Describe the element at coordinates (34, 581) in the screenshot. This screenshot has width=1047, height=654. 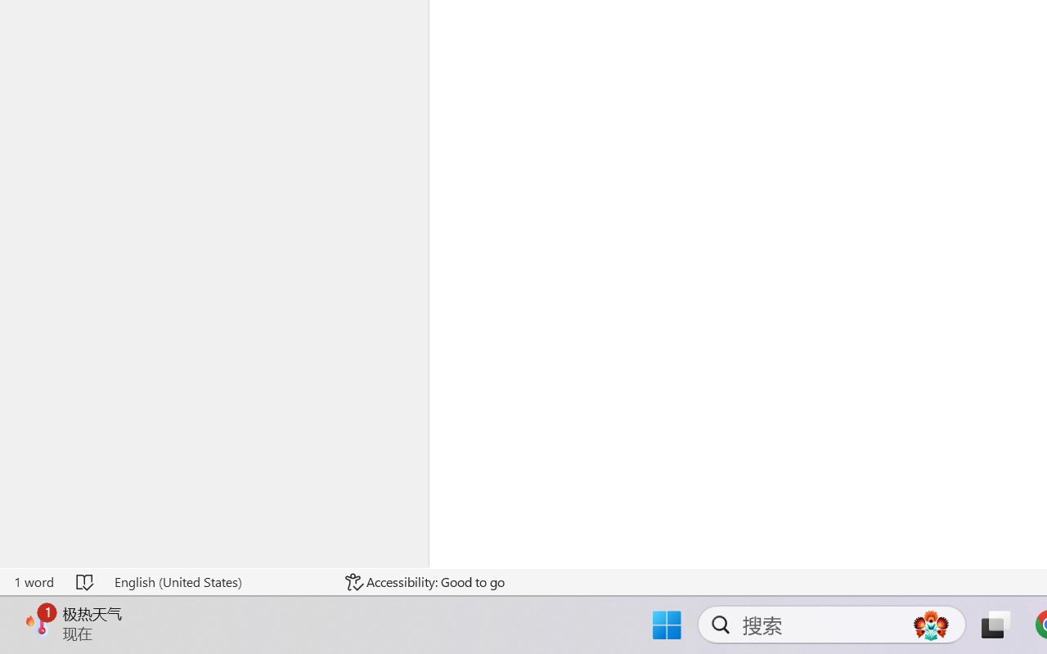
I see `'Word Count 1 word'` at that location.